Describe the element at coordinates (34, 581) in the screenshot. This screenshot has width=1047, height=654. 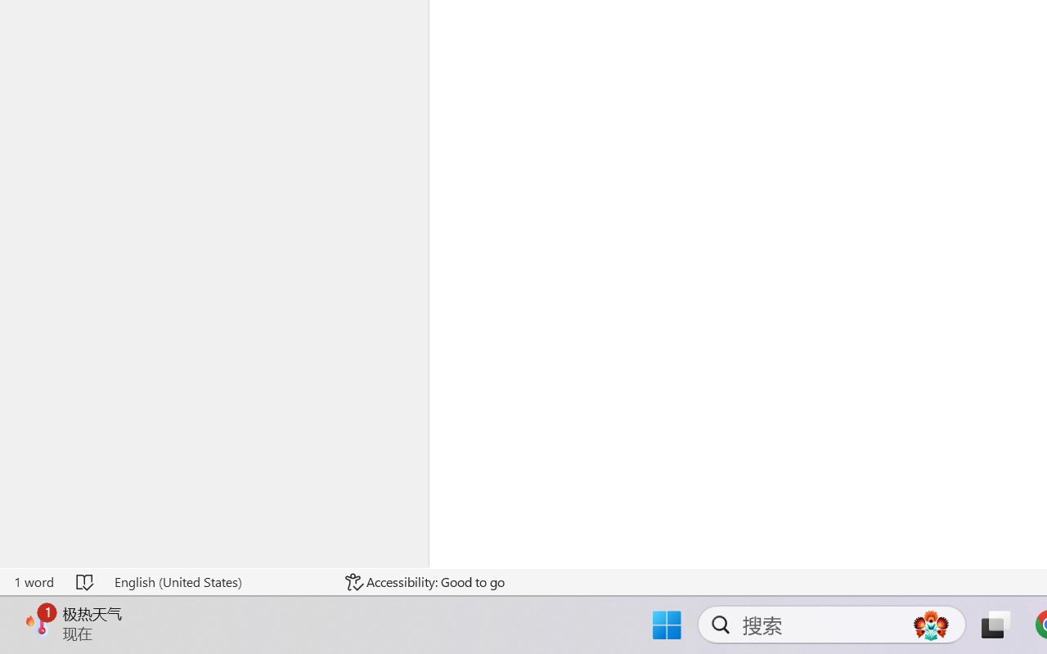
I see `'Word Count 1 word'` at that location.